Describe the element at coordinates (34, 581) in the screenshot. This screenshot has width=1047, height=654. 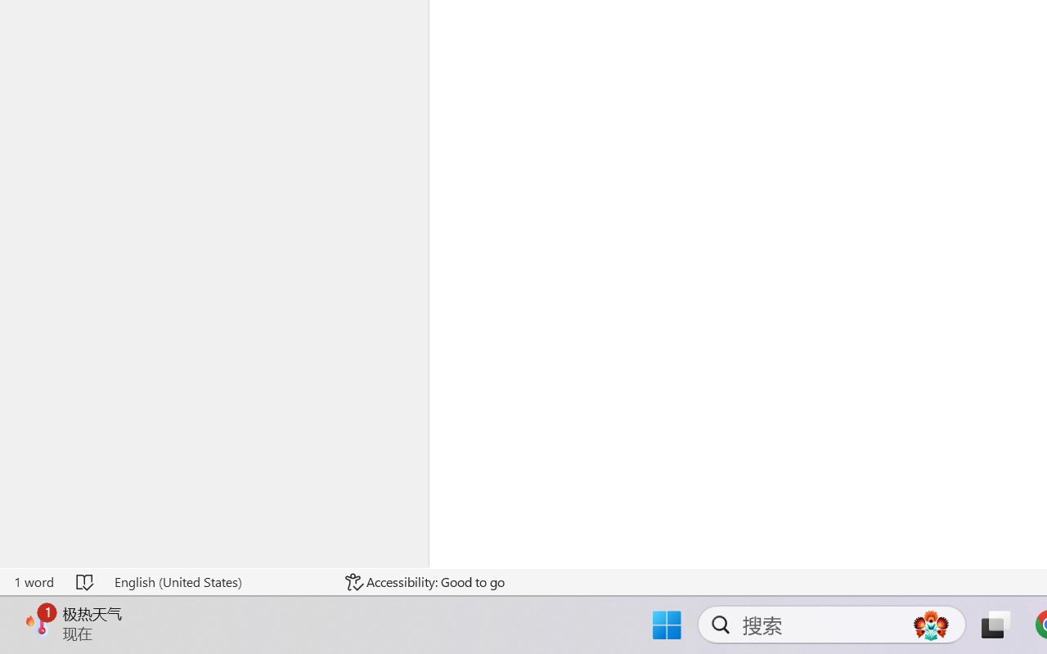
I see `'Word Count 1 word'` at that location.